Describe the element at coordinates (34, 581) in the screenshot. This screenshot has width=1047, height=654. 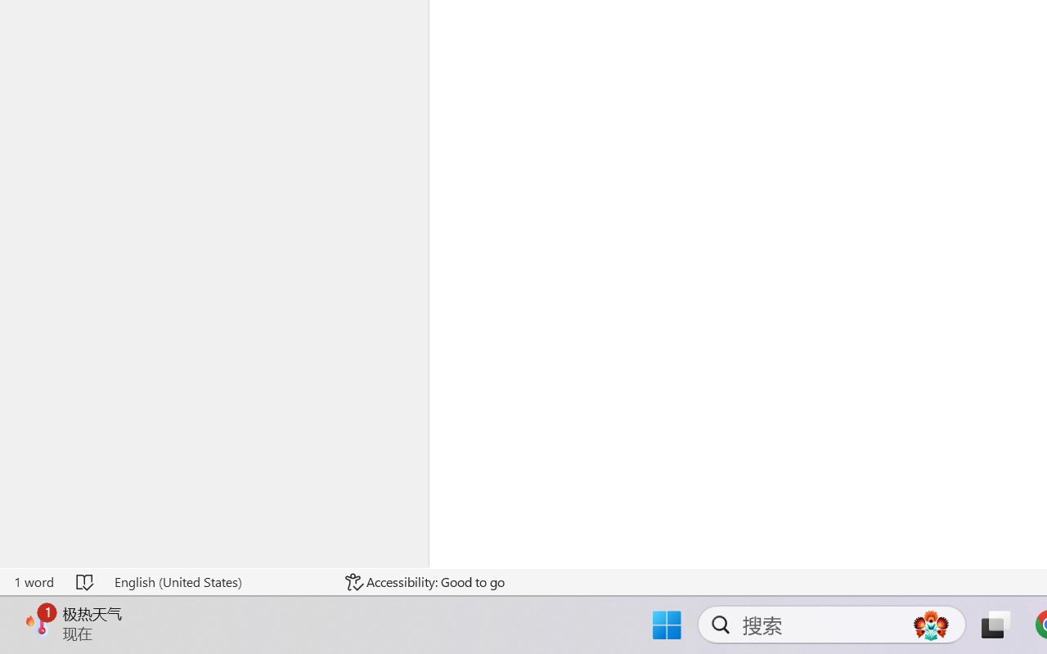
I see `'Word Count 1 word'` at that location.